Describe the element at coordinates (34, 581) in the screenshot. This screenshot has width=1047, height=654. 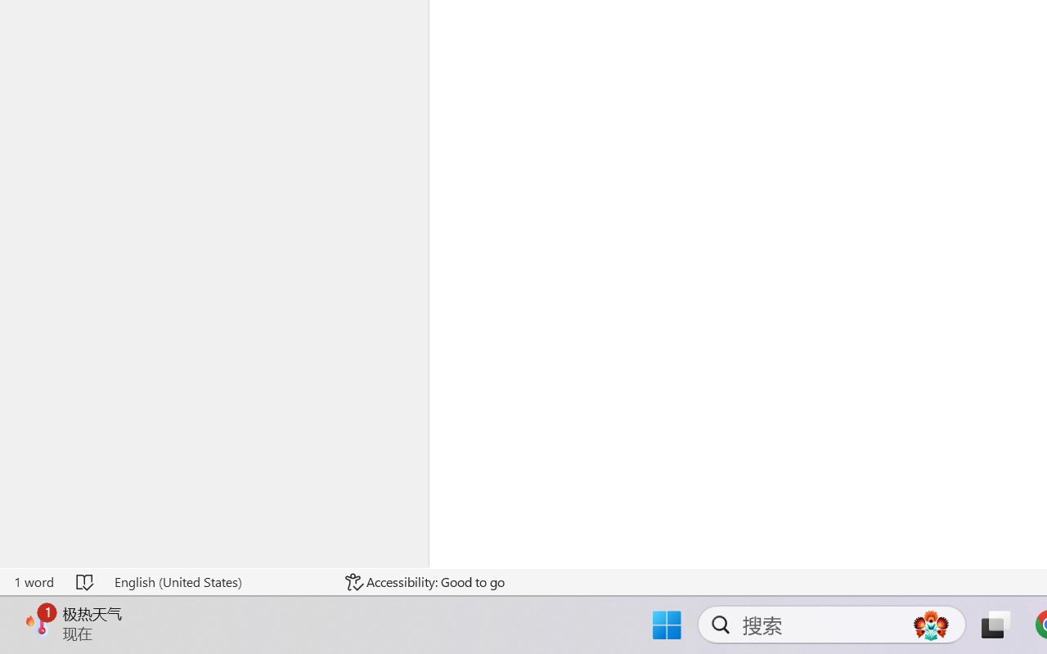
I see `'Word Count 1 word'` at that location.